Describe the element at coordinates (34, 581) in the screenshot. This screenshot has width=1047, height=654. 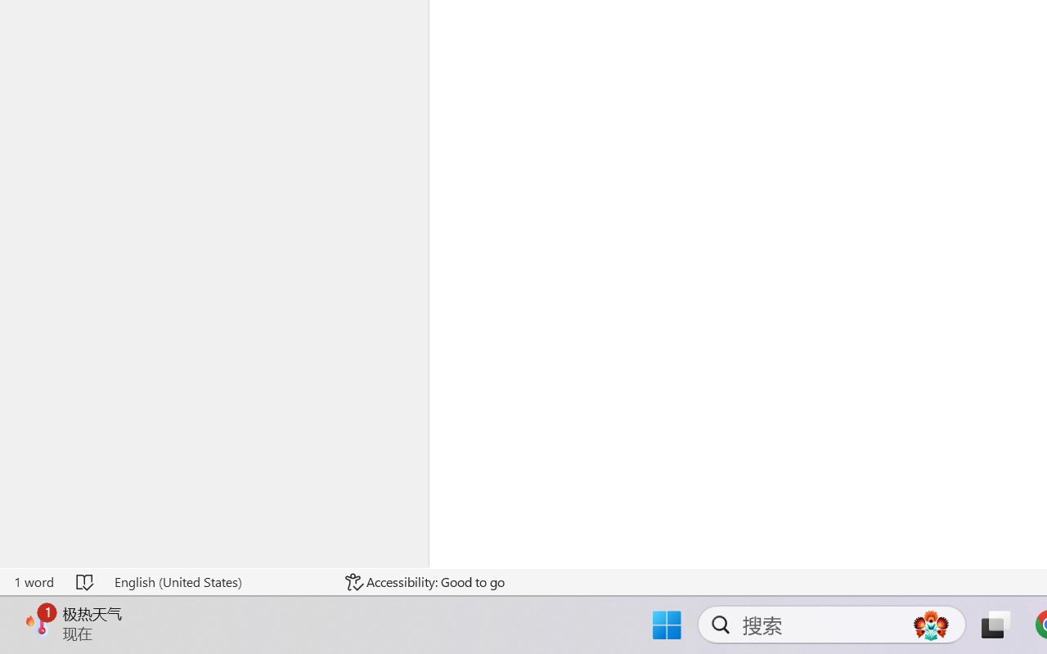
I see `'Word Count 1 word'` at that location.